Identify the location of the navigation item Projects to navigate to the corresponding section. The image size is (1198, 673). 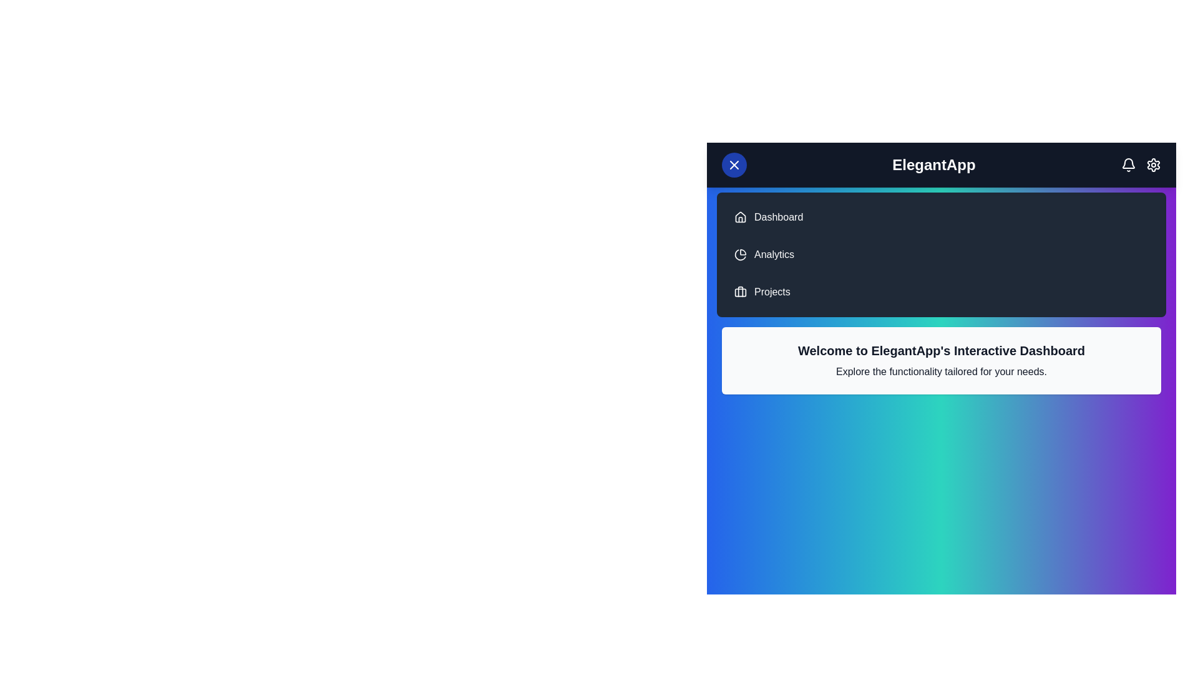
(771, 292).